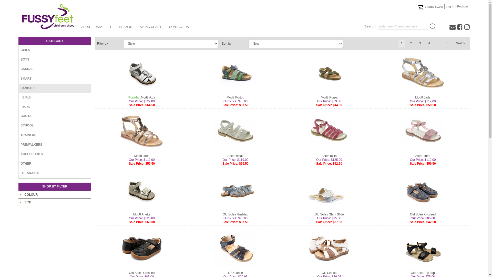 This screenshot has width=492, height=277. I want to click on 'Mod8 Anetta', so click(133, 214).